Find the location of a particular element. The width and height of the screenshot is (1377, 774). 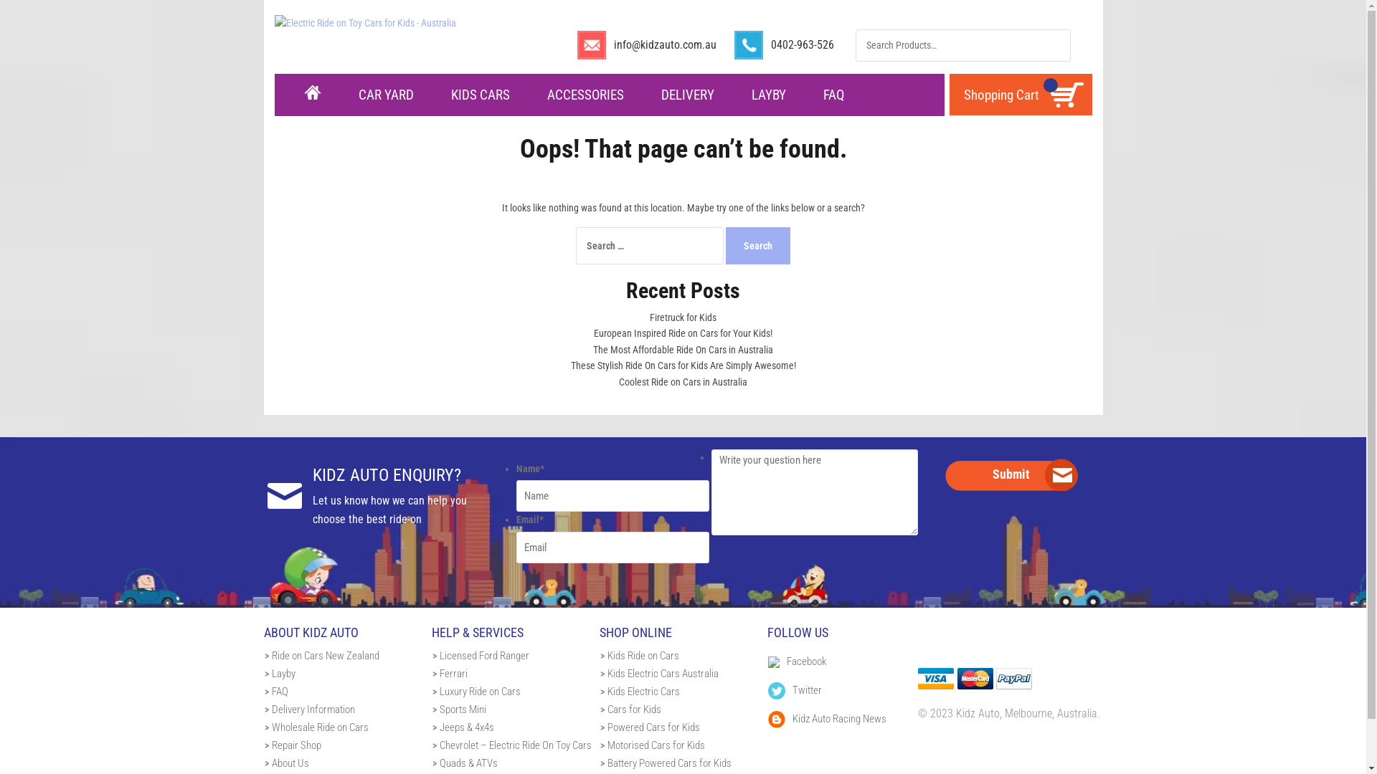

'Licensed Ford Ranger' is located at coordinates (483, 655).